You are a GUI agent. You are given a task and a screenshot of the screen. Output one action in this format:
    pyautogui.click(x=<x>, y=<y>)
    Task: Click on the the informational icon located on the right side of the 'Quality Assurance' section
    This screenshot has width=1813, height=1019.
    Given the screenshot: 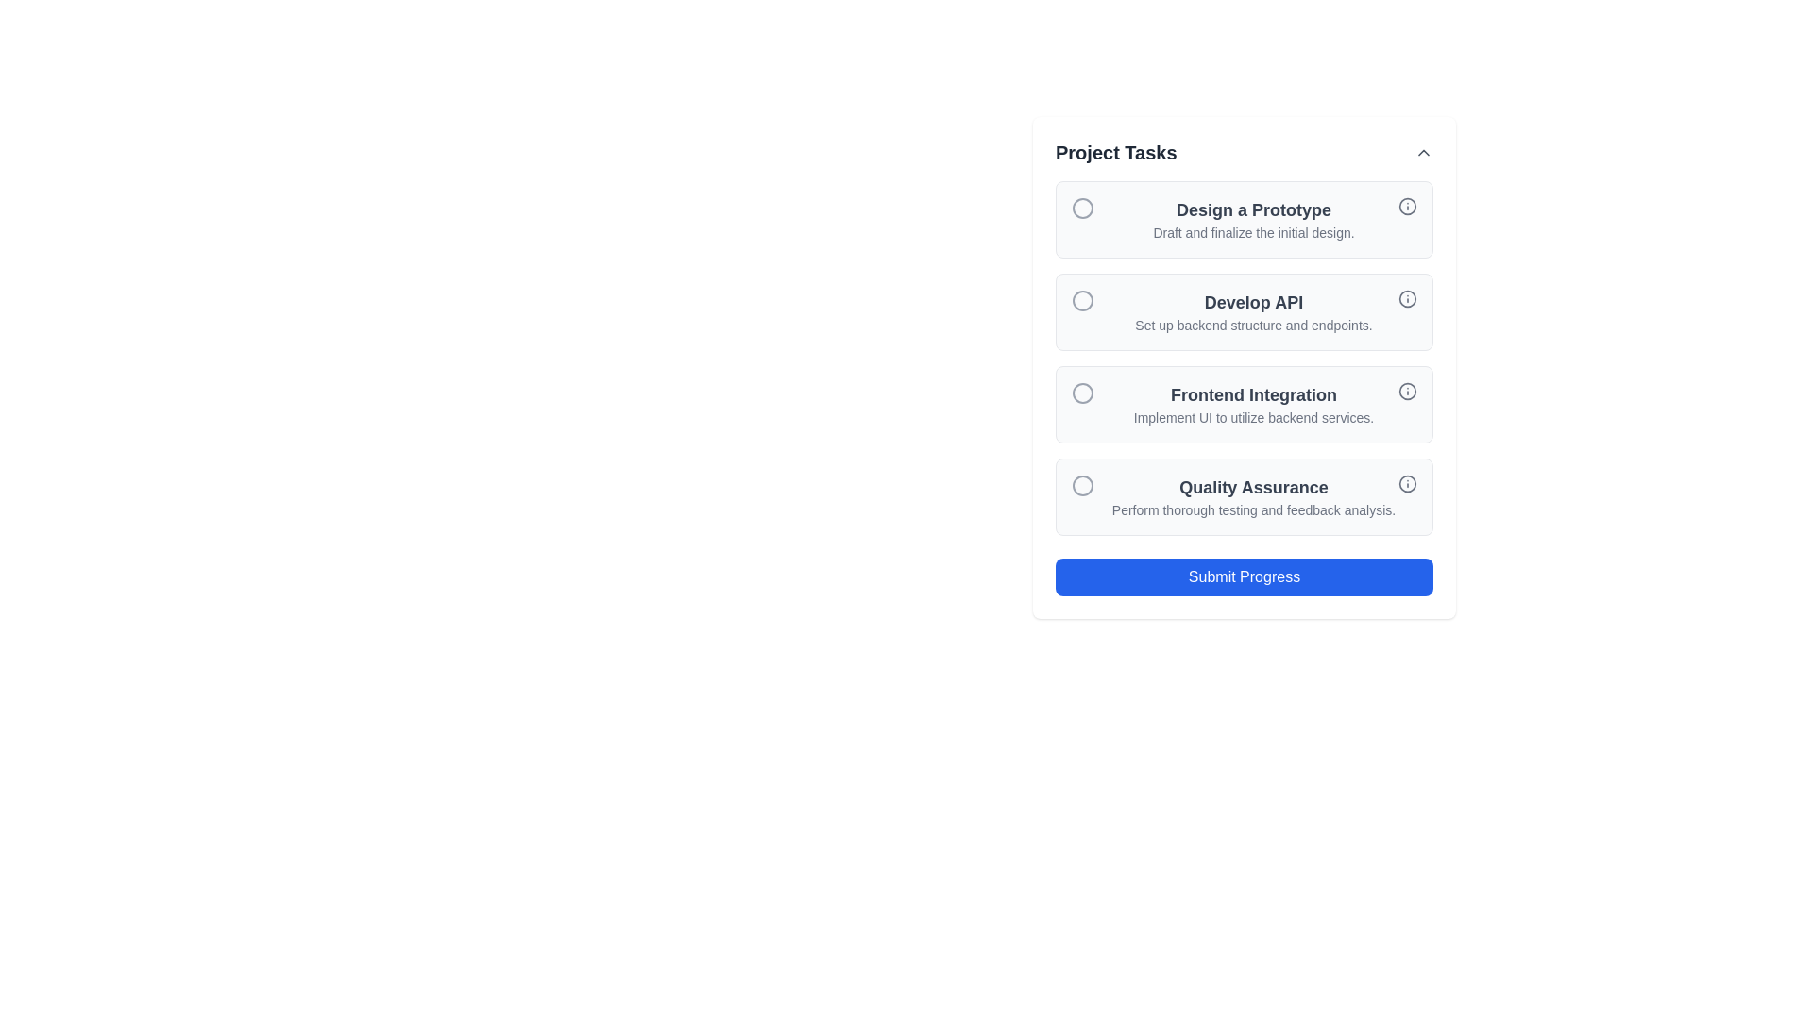 What is the action you would take?
    pyautogui.click(x=1408, y=483)
    